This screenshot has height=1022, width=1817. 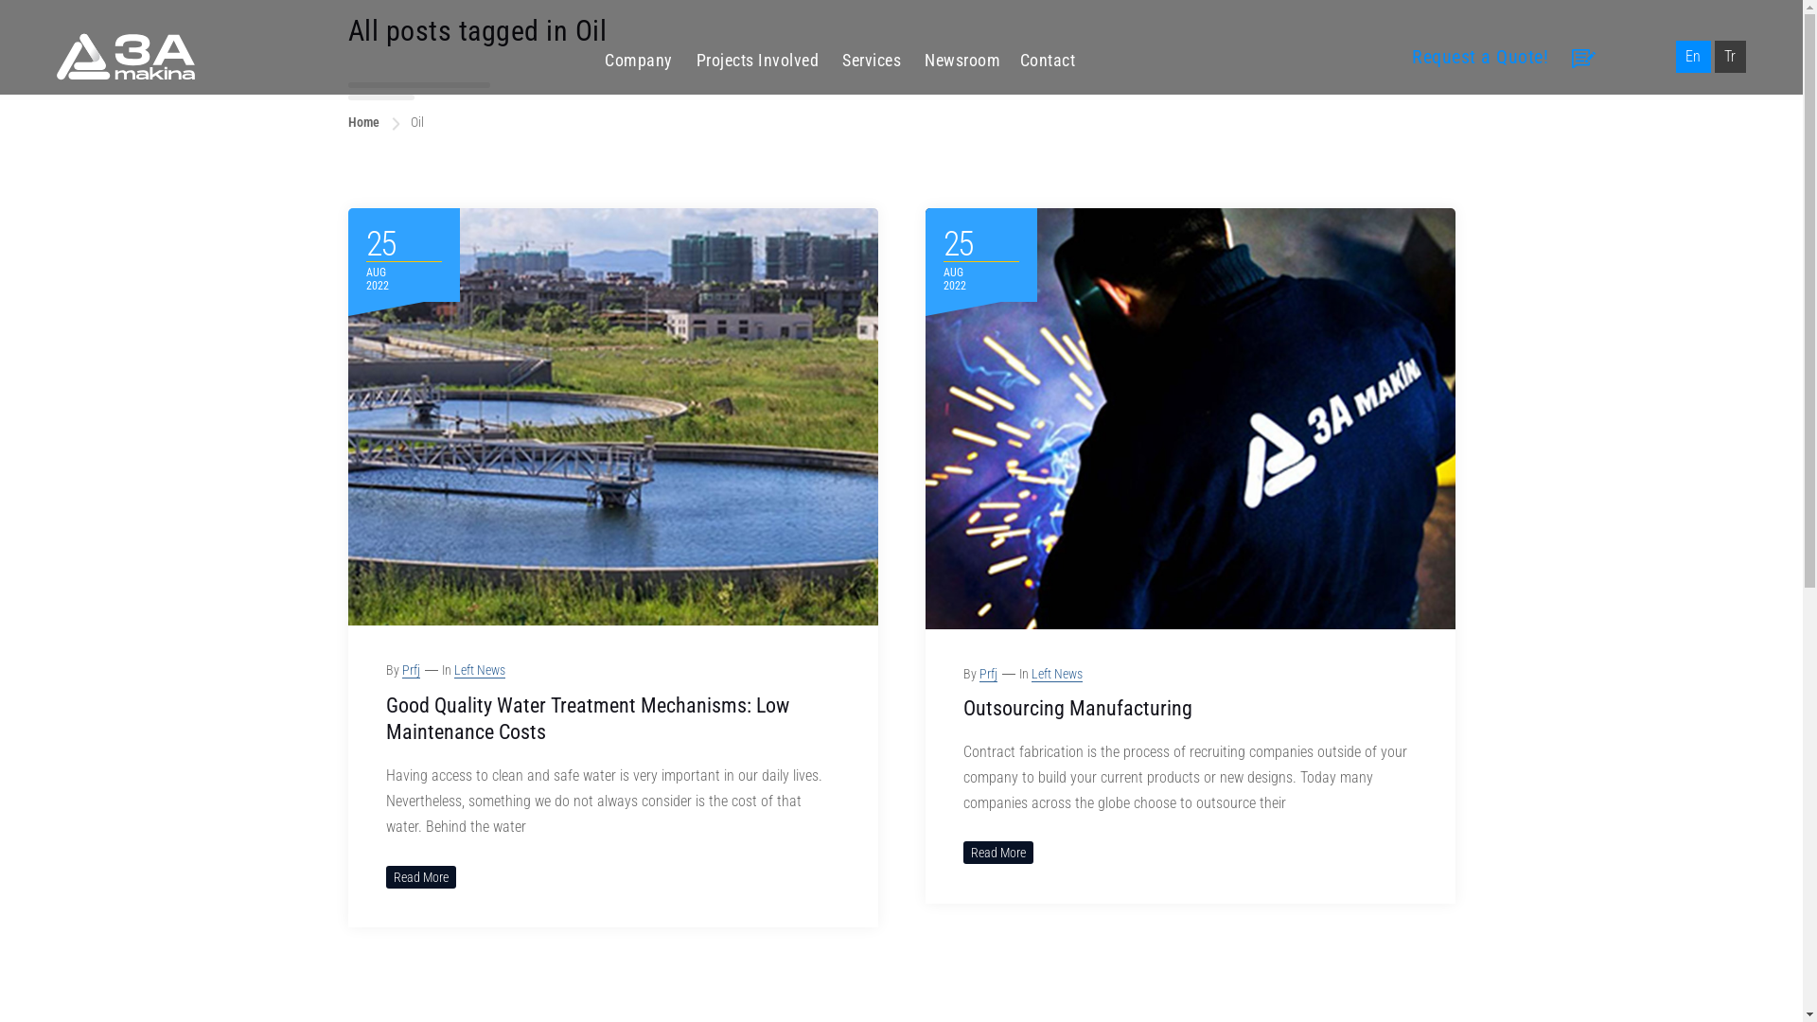 What do you see at coordinates (385, 876) in the screenshot?
I see `'Read More'` at bounding box center [385, 876].